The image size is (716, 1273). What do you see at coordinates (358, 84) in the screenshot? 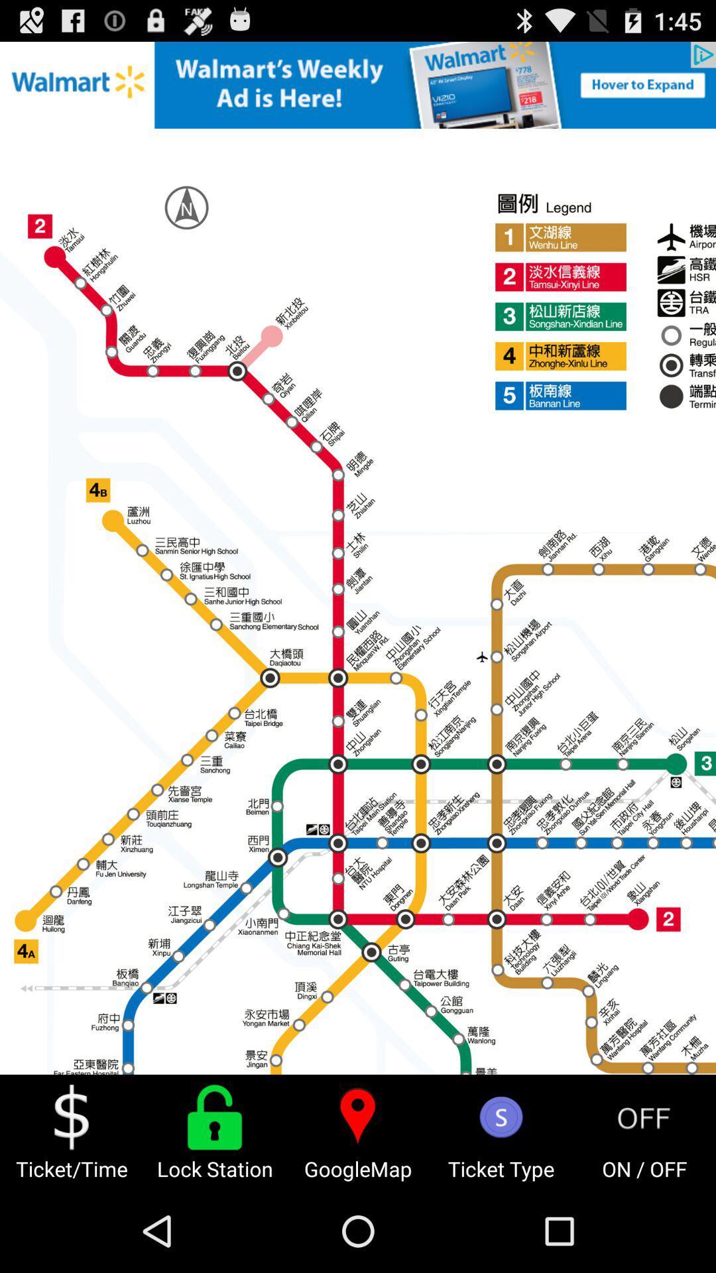
I see `open walmart advertisement` at bounding box center [358, 84].